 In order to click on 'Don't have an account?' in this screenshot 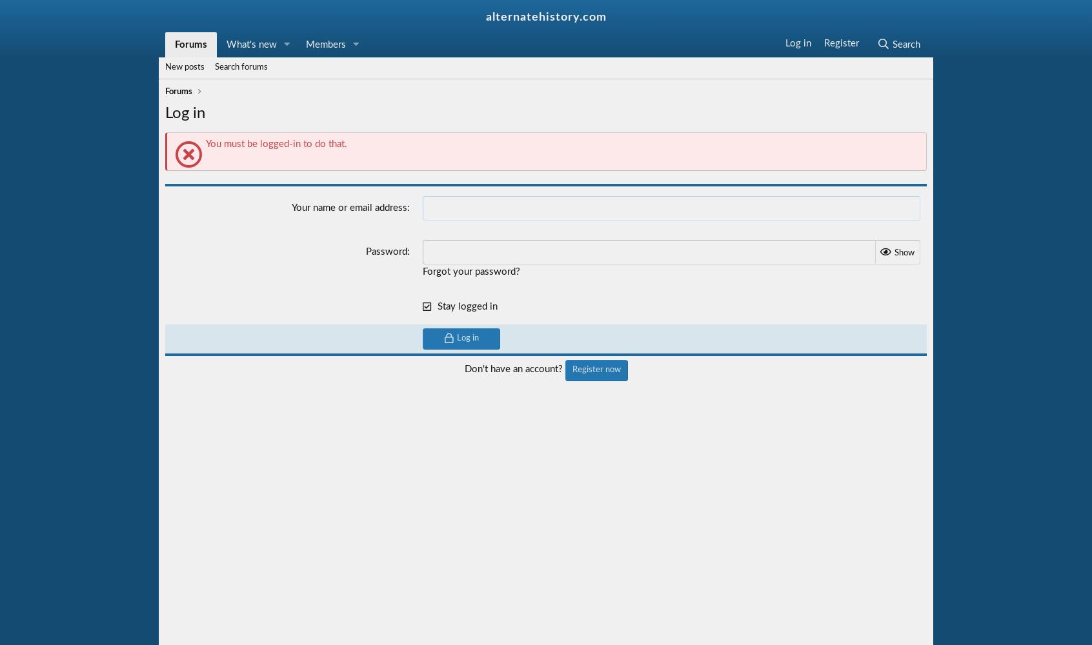, I will do `click(514, 368)`.